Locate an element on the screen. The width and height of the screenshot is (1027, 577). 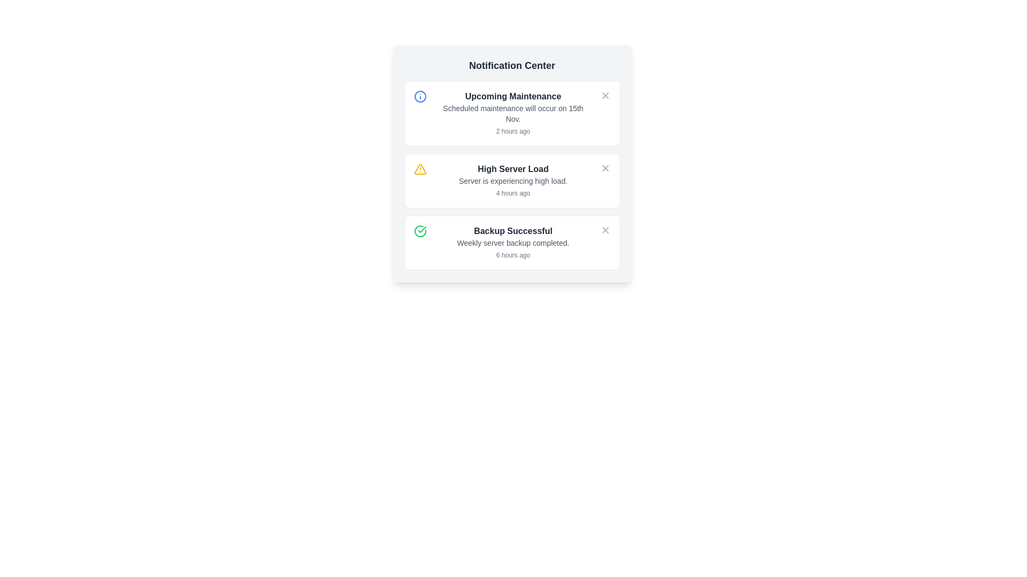
the dismiss button located on the rightmost side of the 'Backup Successful' notification is located at coordinates (605, 230).